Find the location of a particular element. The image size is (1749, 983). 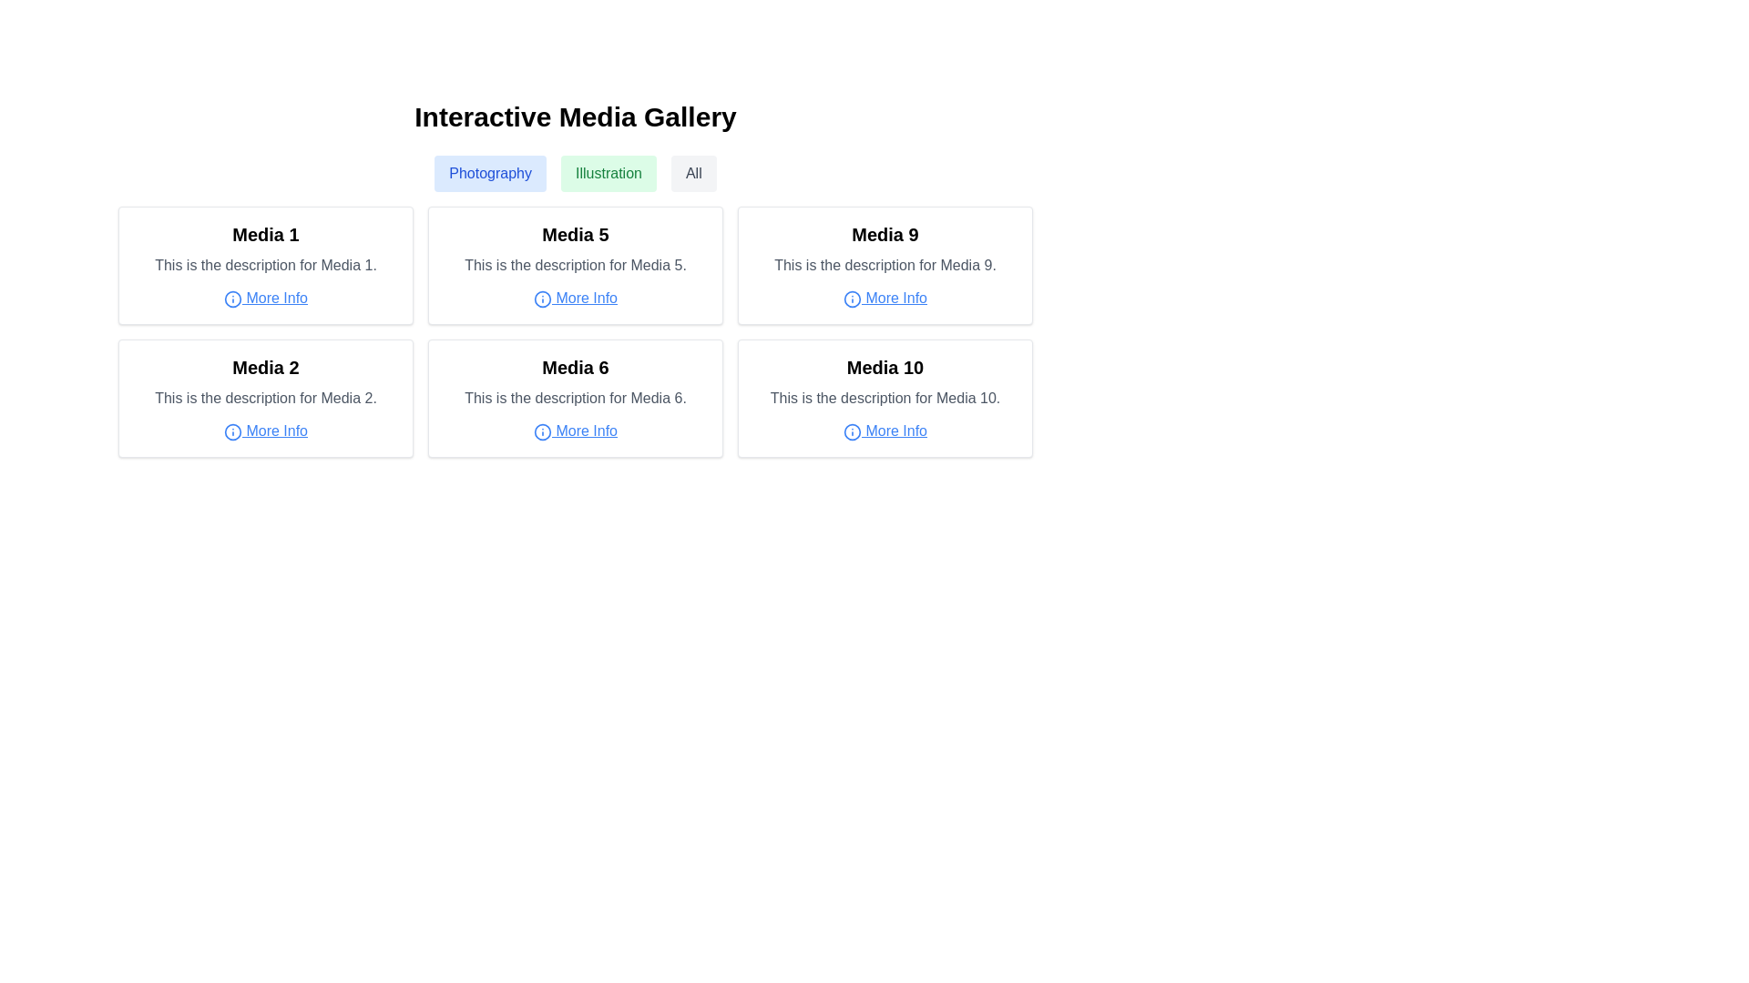

the link with an icon located at the bottom-center of the interactive card for 'Media 1' is located at coordinates (265, 297).